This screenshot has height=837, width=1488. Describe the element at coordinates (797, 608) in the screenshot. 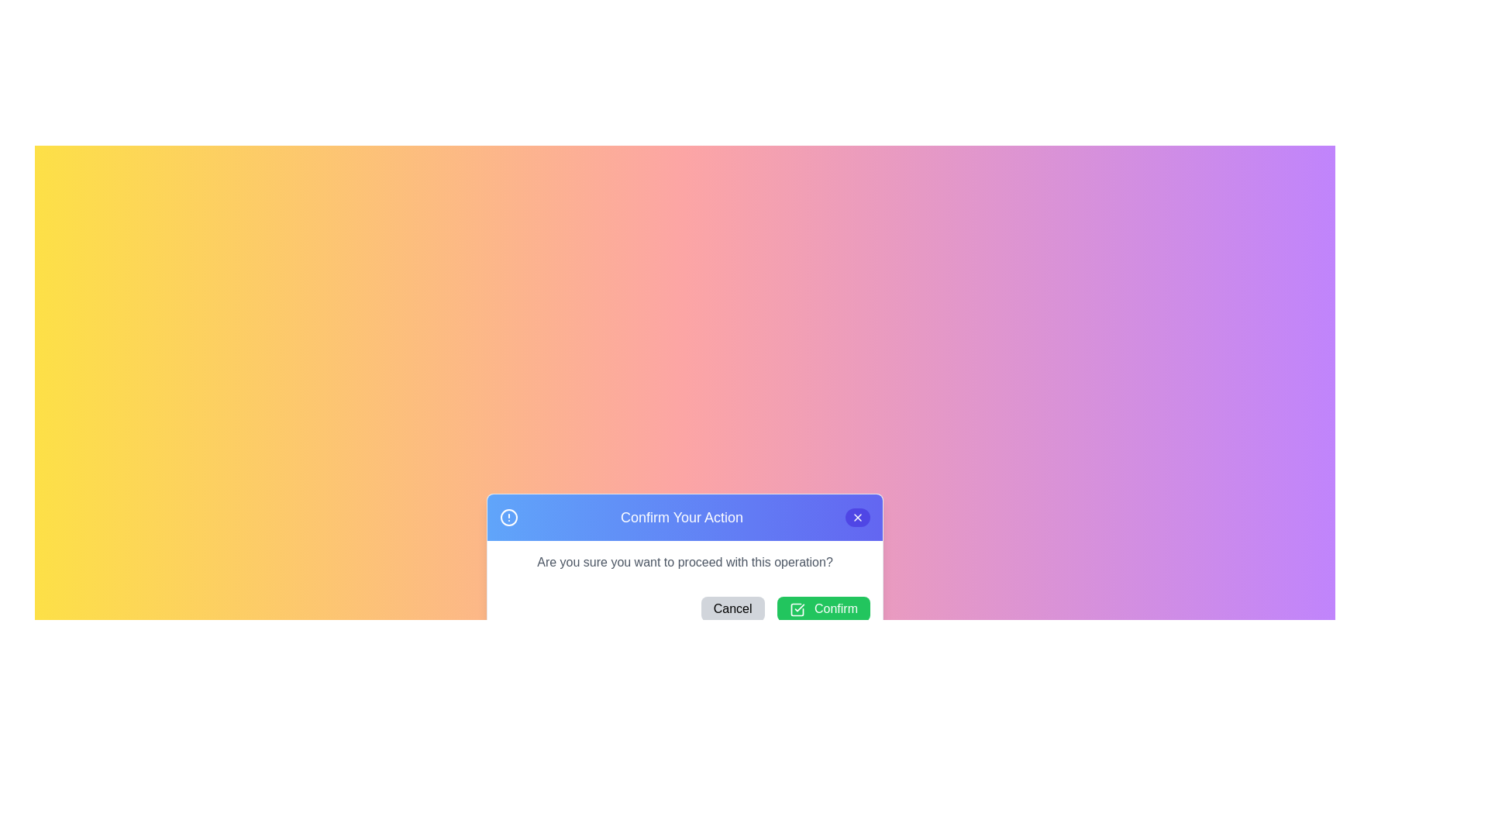

I see `the 'Confirm' button which contains the checkmark icon, located at the bottom-right side of the dialog box` at that location.